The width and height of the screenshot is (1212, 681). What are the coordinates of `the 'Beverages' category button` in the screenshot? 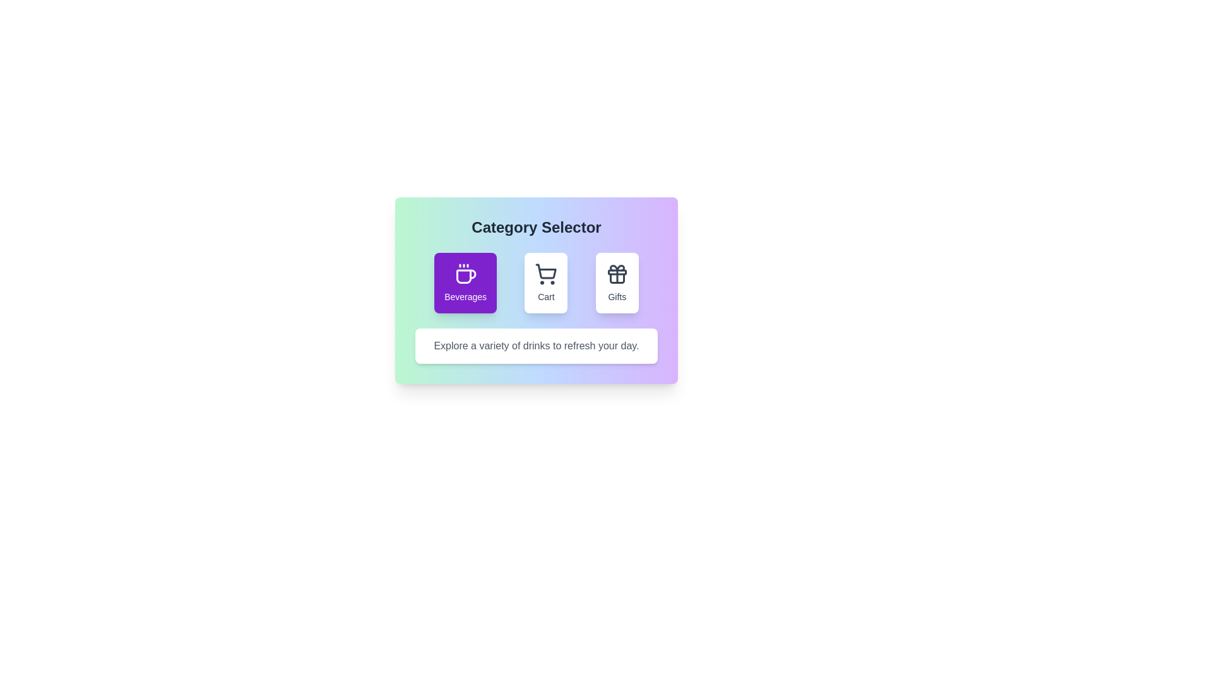 It's located at (465, 282).